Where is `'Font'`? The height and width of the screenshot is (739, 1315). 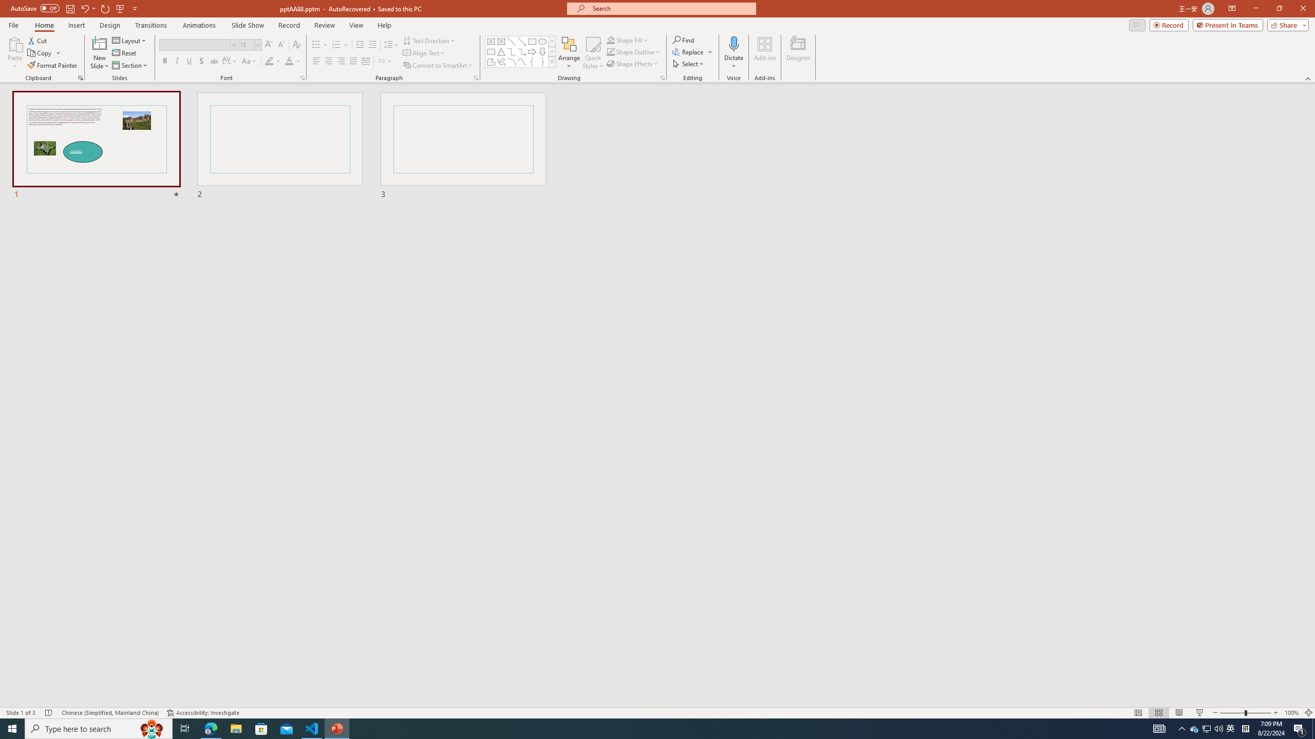 'Font' is located at coordinates (194, 45).